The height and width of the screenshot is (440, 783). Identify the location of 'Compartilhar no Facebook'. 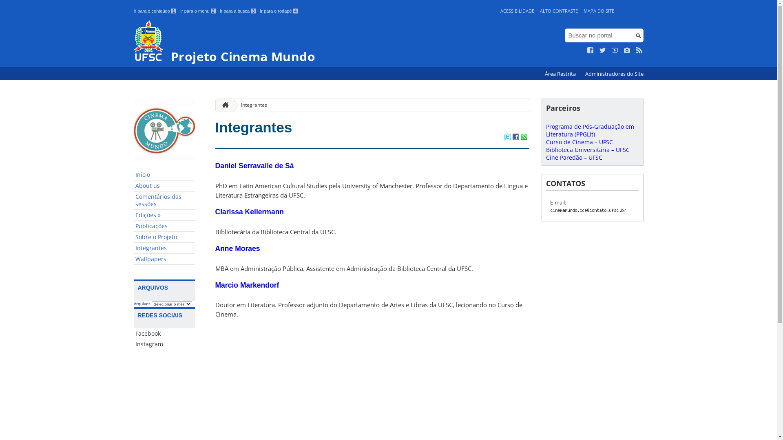
(515, 137).